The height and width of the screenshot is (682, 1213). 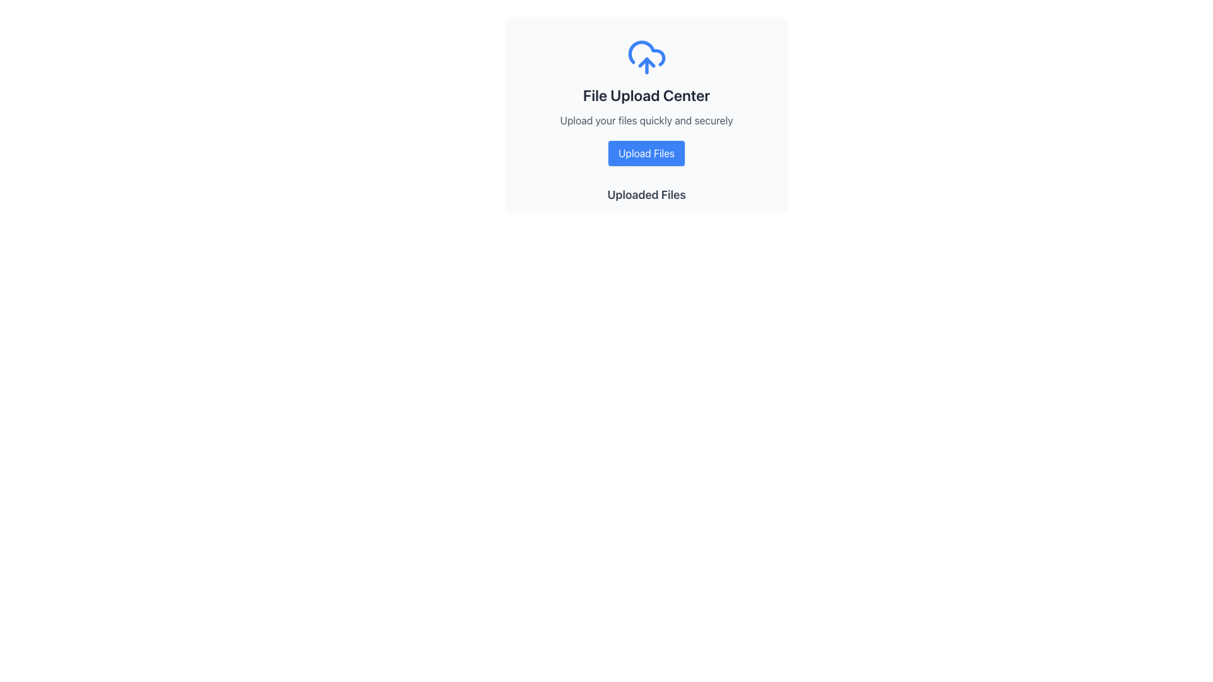 I want to click on the 'Upload Files' button using keyboard navigation, so click(x=646, y=153).